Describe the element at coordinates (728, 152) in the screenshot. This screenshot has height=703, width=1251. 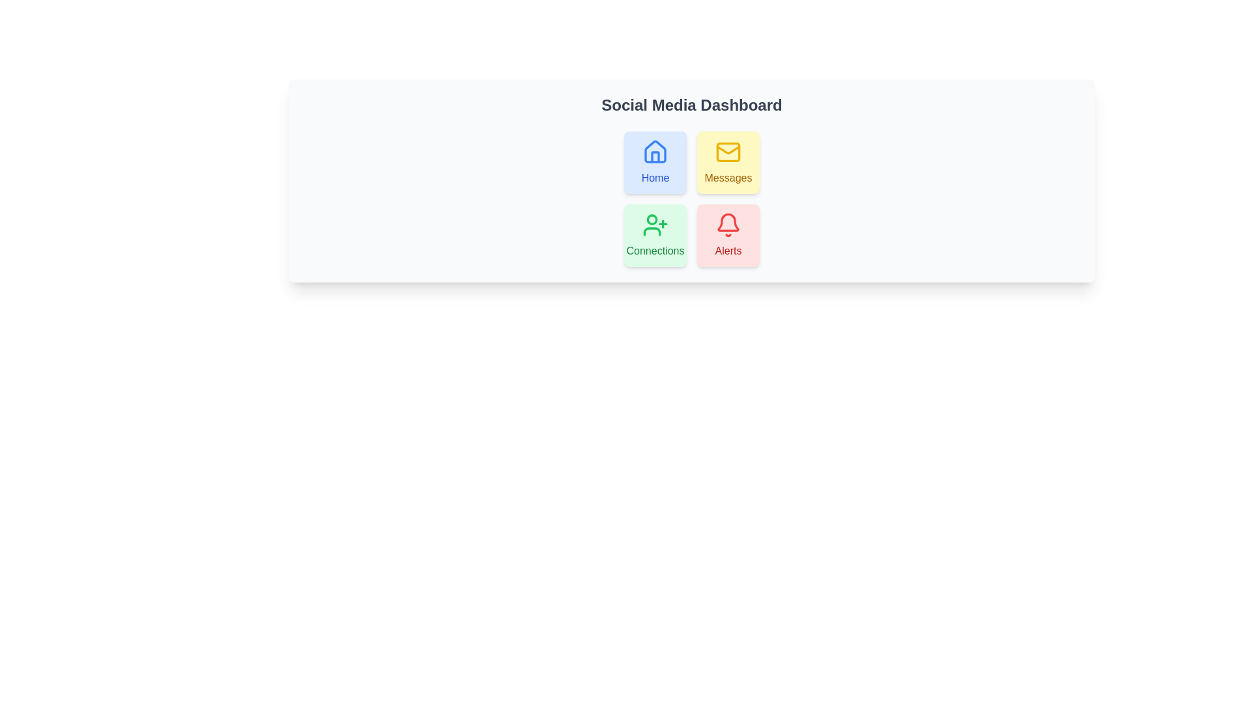
I see `the 'Messages' button which contains the envelope icon with a yellow outline and rounded corners` at that location.